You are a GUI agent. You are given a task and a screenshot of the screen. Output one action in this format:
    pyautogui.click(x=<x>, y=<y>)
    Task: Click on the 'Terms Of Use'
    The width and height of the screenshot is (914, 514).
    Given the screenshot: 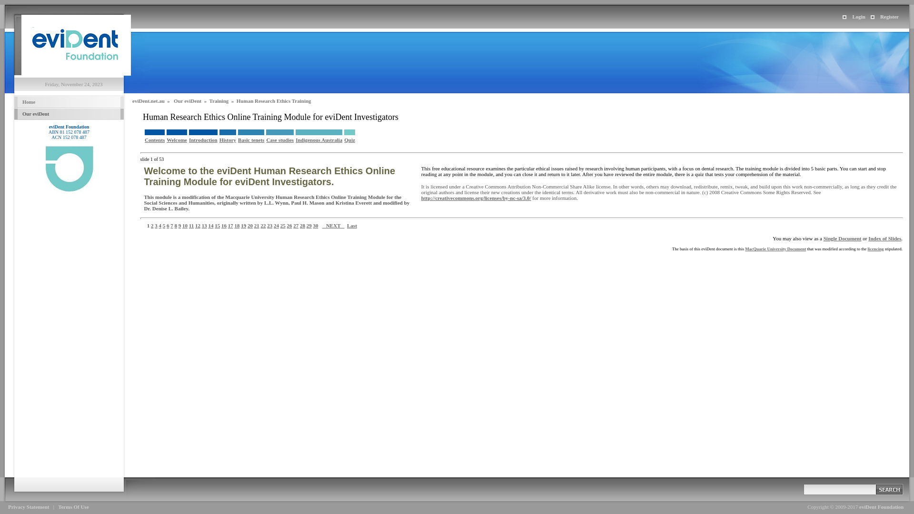 What is the action you would take?
    pyautogui.click(x=57, y=506)
    